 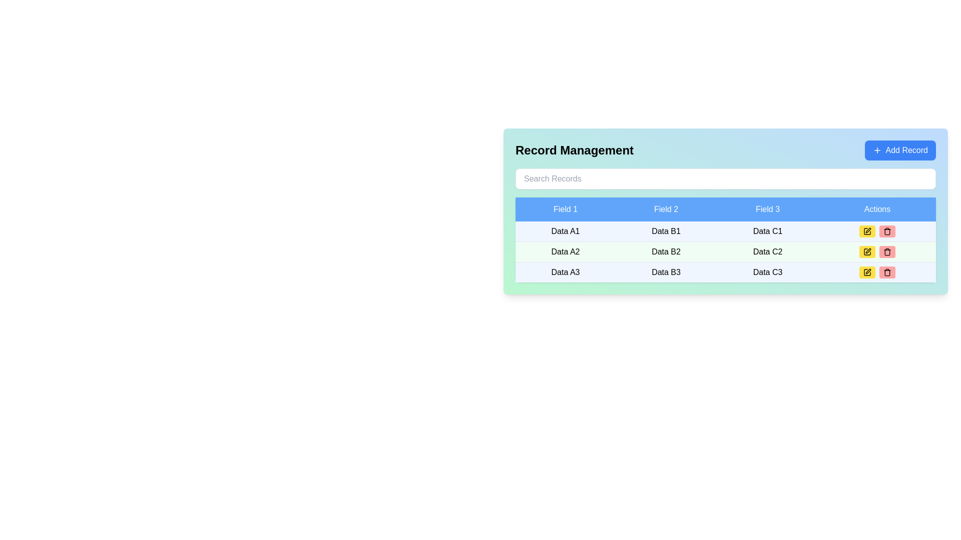 I want to click on the edit icon located within the yellow button in the 'Actions' column of the last row of the table, so click(x=866, y=272).